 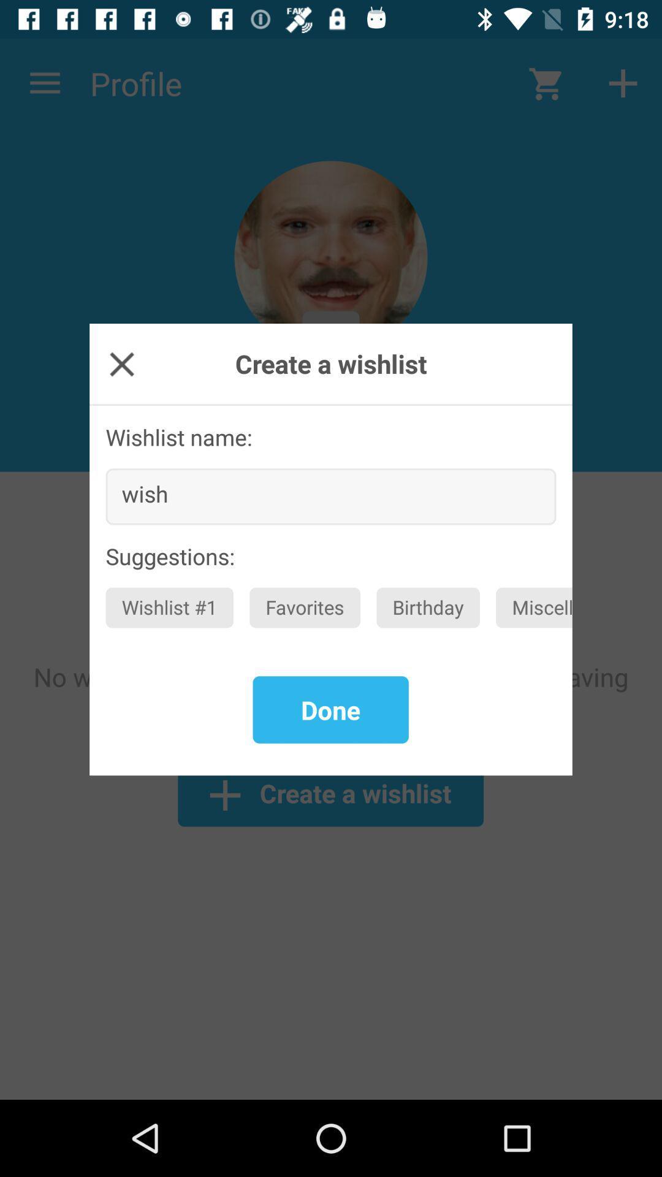 I want to click on the list, so click(x=122, y=363).